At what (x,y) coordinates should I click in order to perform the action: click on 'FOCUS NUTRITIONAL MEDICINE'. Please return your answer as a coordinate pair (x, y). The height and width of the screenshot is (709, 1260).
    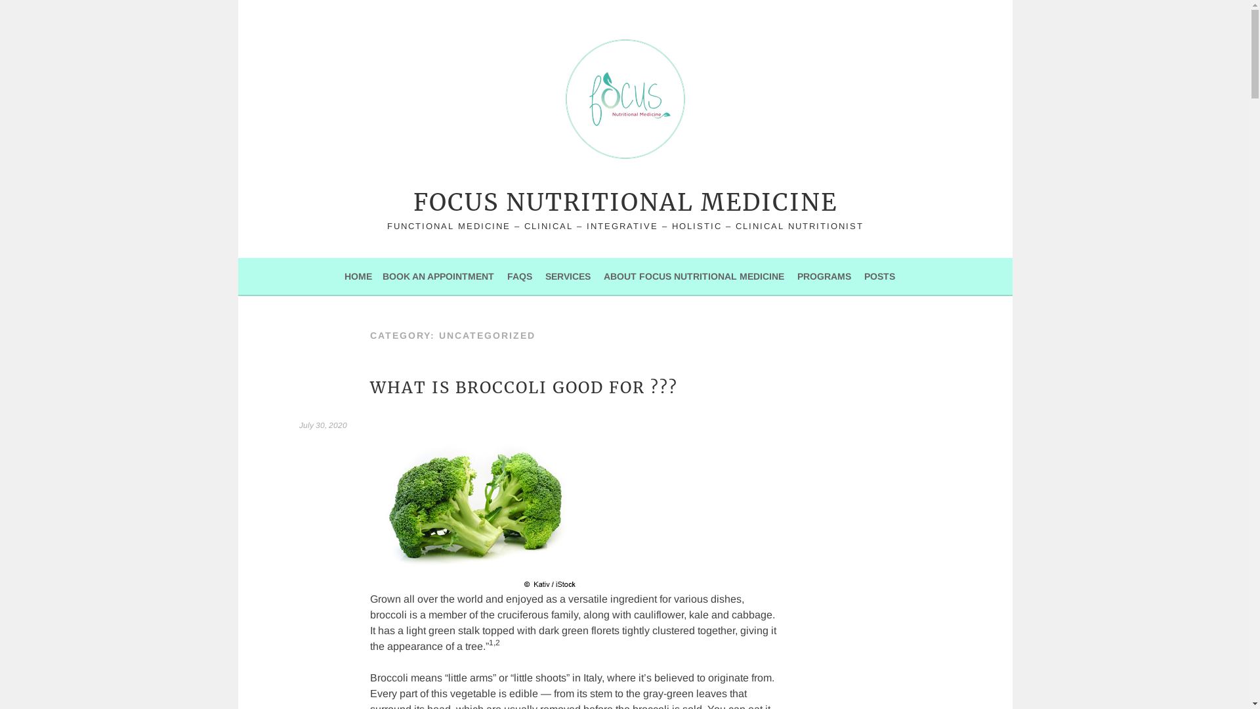
    Looking at the image, I should click on (412, 202).